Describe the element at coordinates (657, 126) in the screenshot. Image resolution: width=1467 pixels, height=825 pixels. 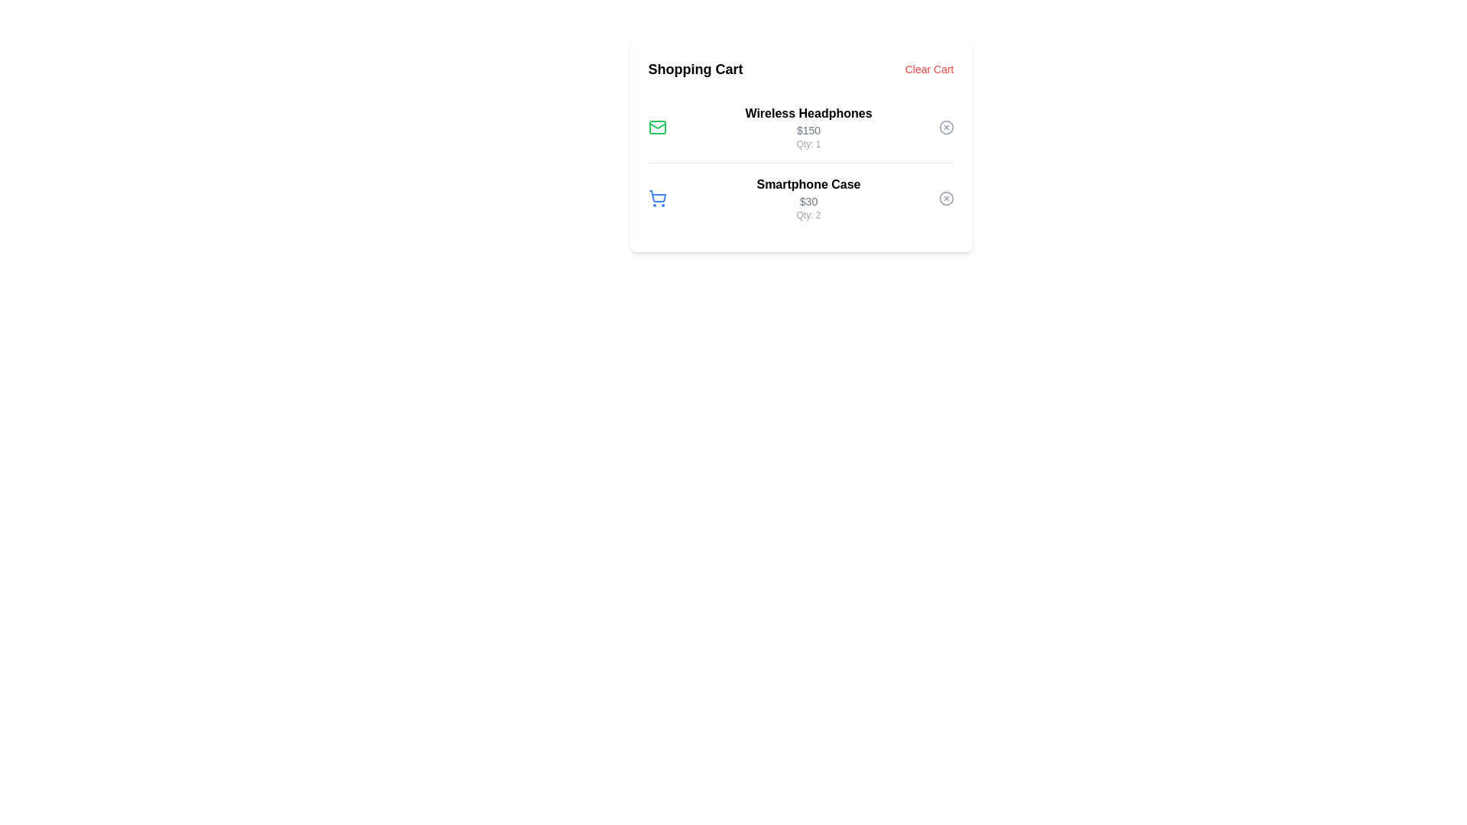
I see `the SVG rectangular shape with rounded corners that is part of the envelope icon located to the left of the 'Wireless Headphones' text in the shopping cart` at that location.